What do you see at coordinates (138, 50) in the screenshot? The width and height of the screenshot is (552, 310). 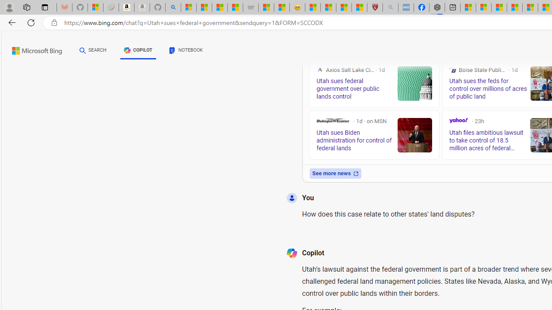 I see `'COPILOT'` at bounding box center [138, 50].